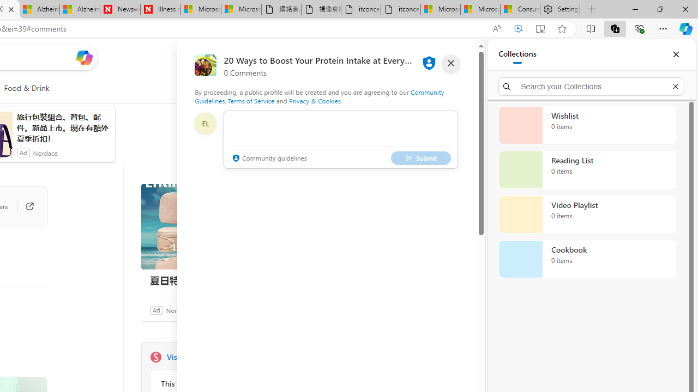 Image resolution: width=698 pixels, height=392 pixels. Describe the element at coordinates (268, 158) in the screenshot. I see `'Community guidelines'` at that location.